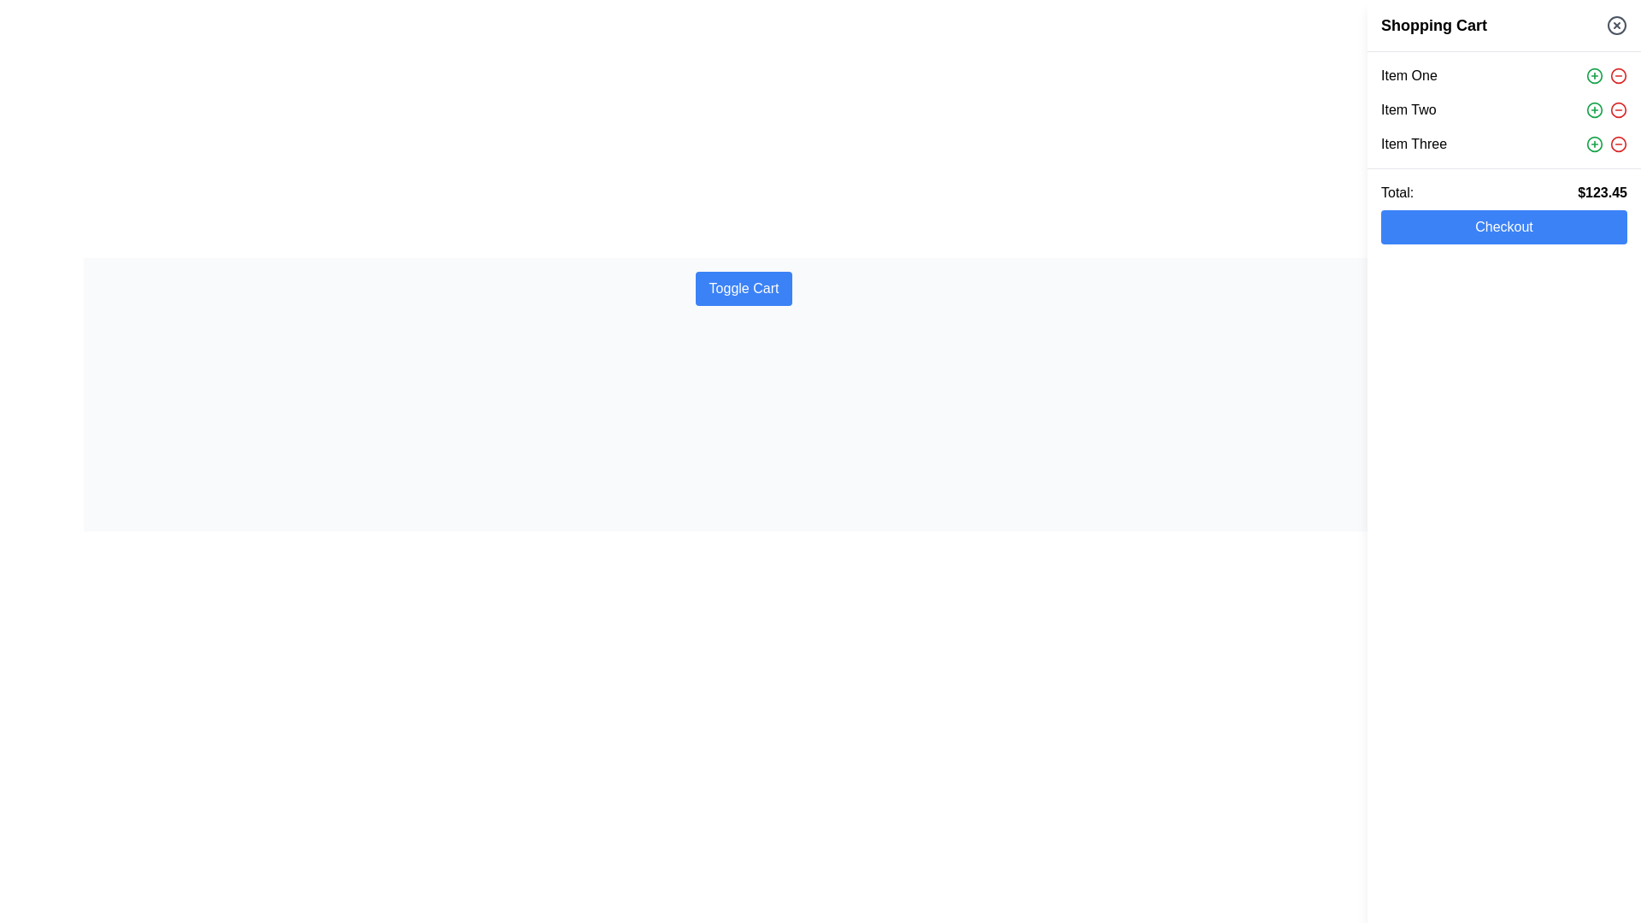 Image resolution: width=1641 pixels, height=923 pixels. Describe the element at coordinates (1606, 74) in the screenshot. I see `the horizontal group of interactive buttons consisting of a green plus icon and a red minus icon, located in the top-right section of the shopping cart interface adjacent to 'Item One' for additional styles or tooltips` at that location.